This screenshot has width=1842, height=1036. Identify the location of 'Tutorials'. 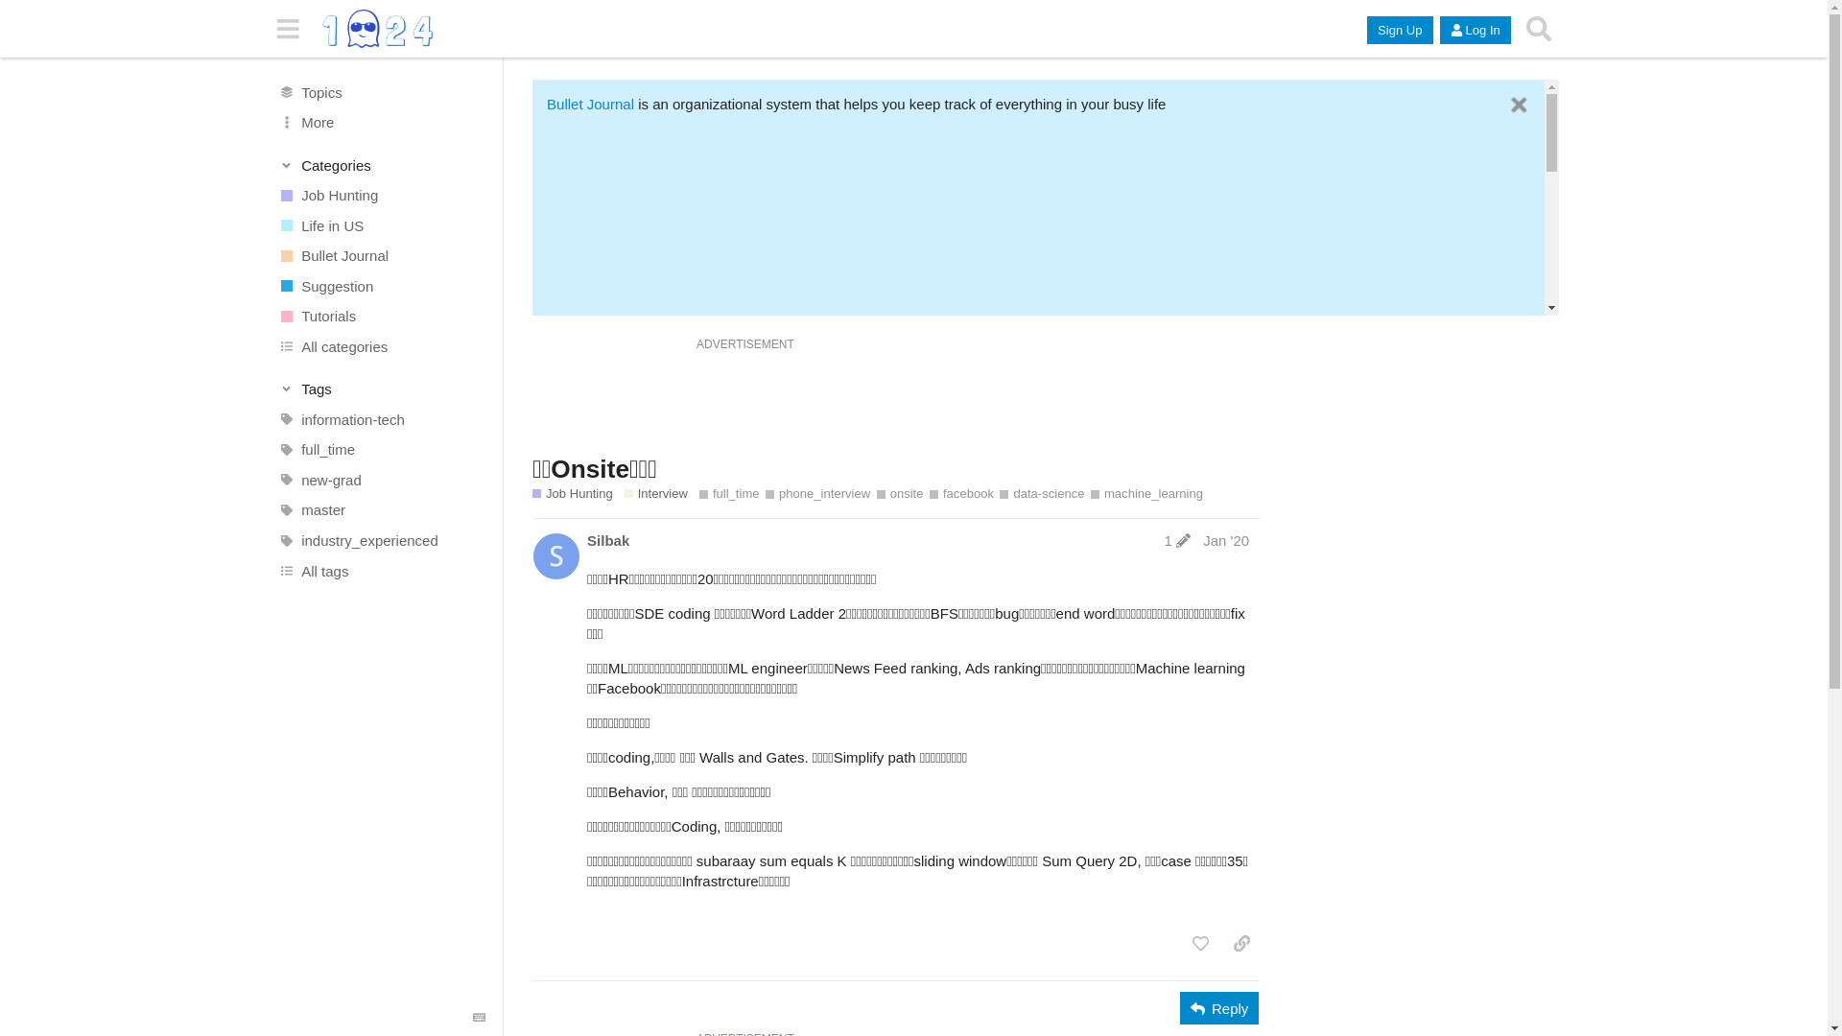
(257, 316).